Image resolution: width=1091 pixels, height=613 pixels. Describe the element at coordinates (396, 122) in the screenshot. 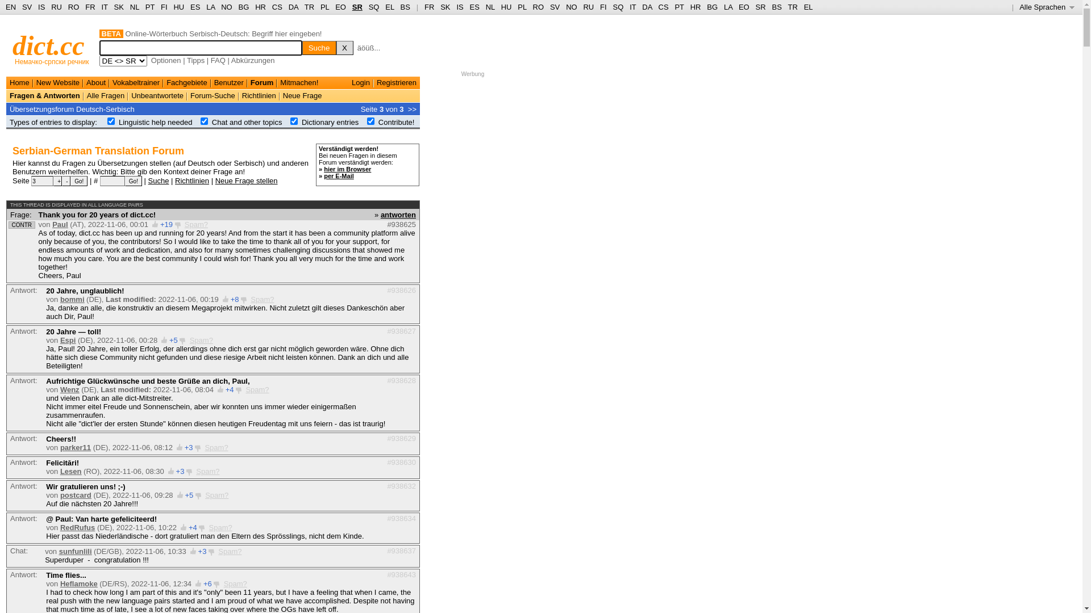

I see `'Contribute!'` at that location.